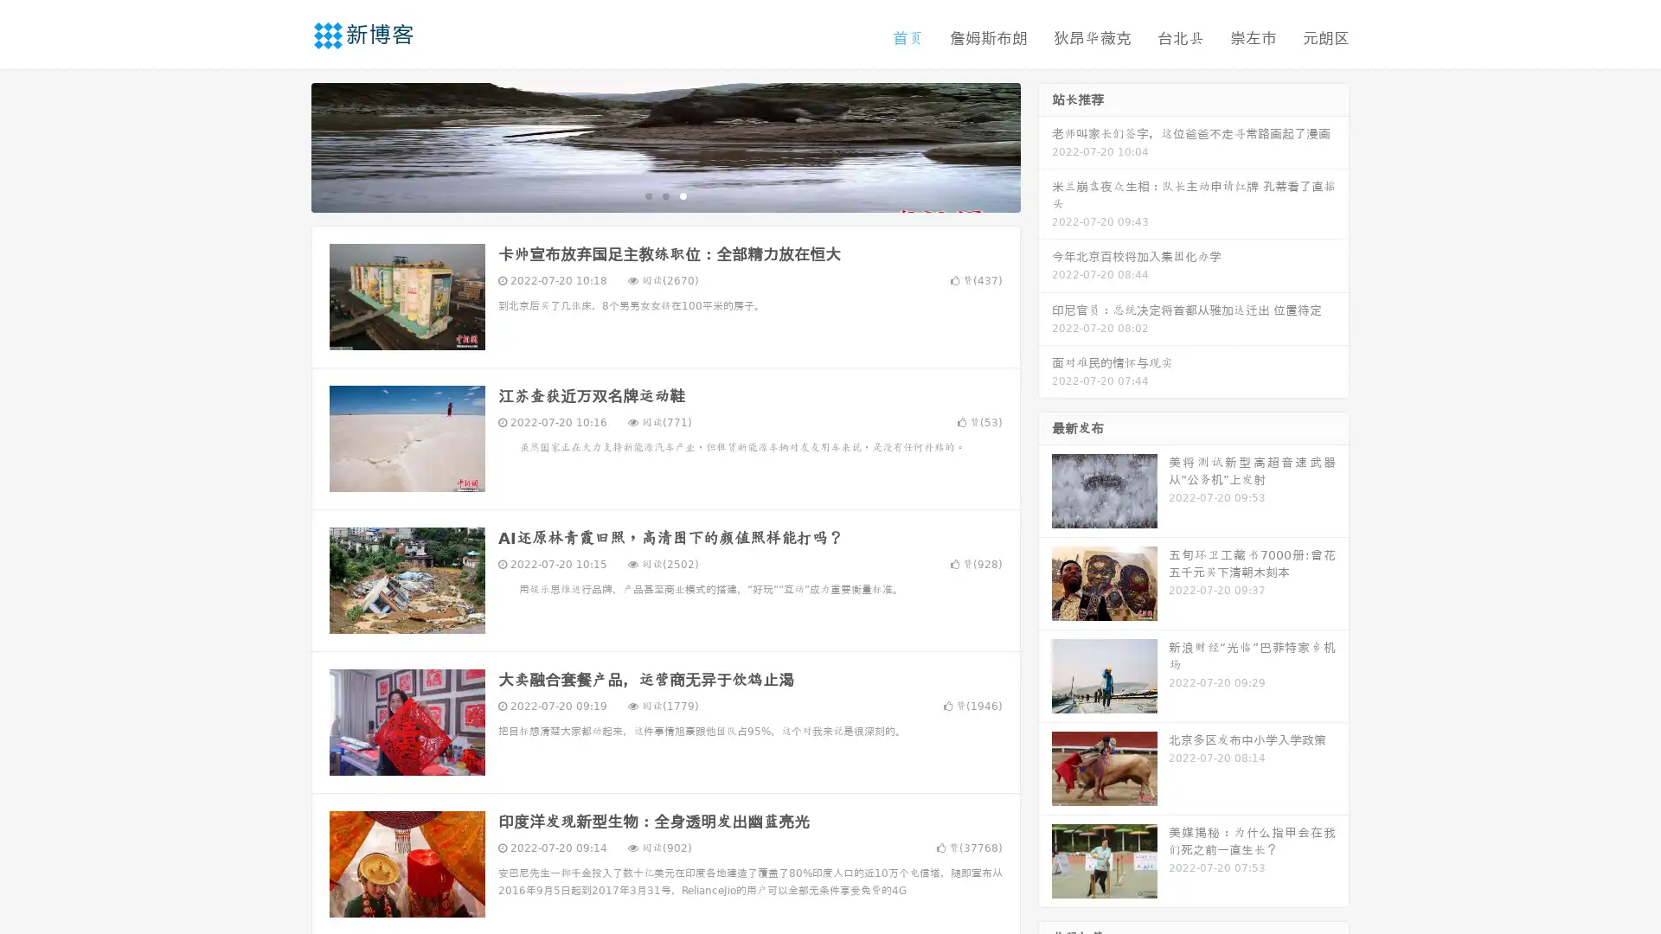 Image resolution: width=1661 pixels, height=934 pixels. I want to click on Next slide, so click(1045, 145).